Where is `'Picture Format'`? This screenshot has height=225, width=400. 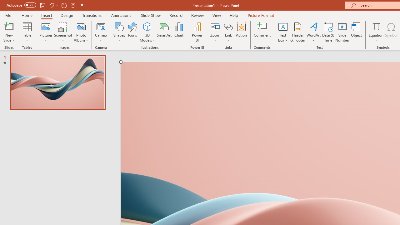
'Picture Format' is located at coordinates (261, 15).